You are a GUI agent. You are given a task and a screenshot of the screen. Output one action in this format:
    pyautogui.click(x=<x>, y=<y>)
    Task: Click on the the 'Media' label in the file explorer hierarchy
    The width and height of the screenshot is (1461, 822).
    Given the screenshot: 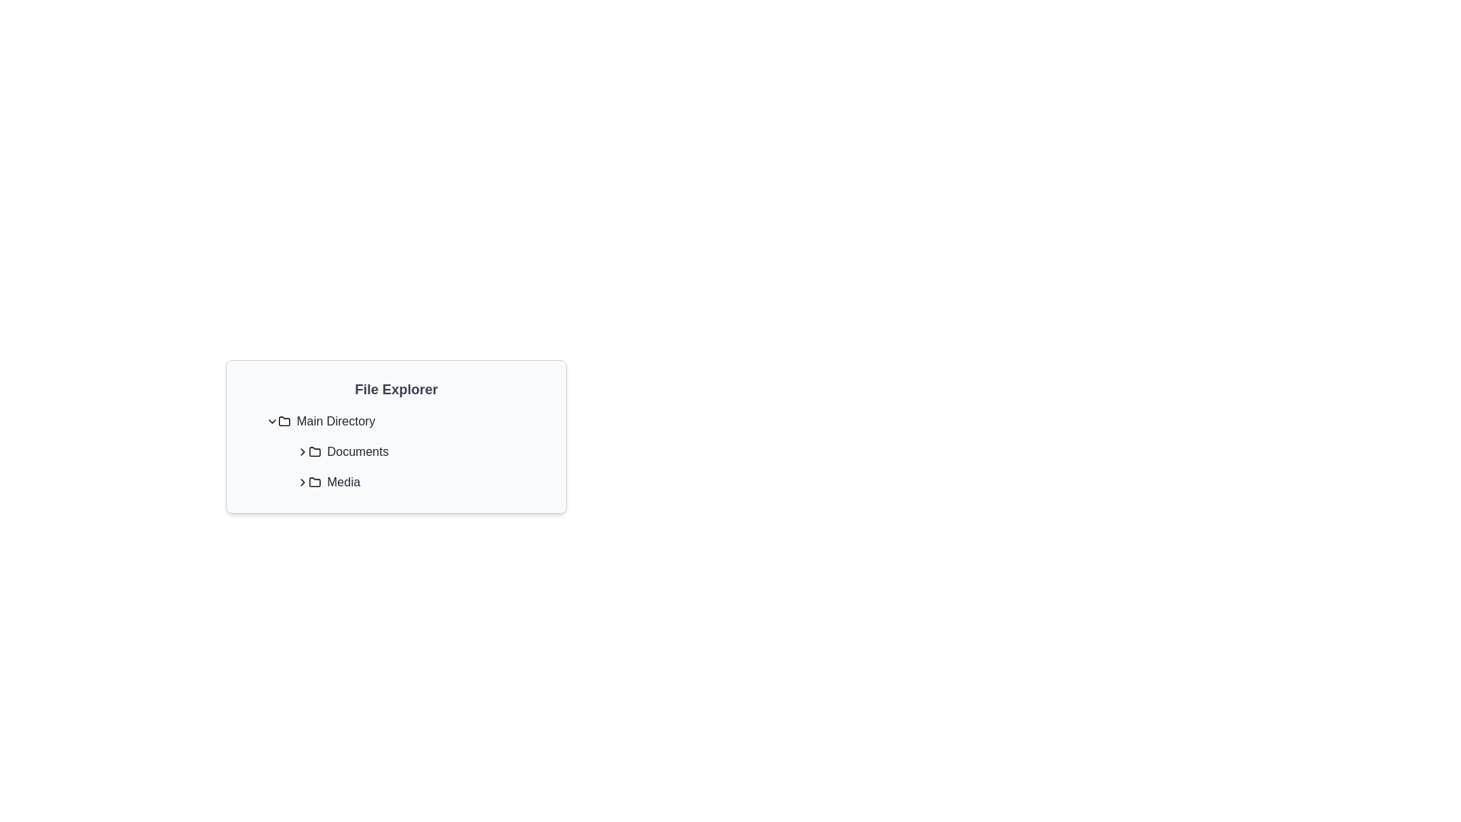 What is the action you would take?
    pyautogui.click(x=342, y=482)
    